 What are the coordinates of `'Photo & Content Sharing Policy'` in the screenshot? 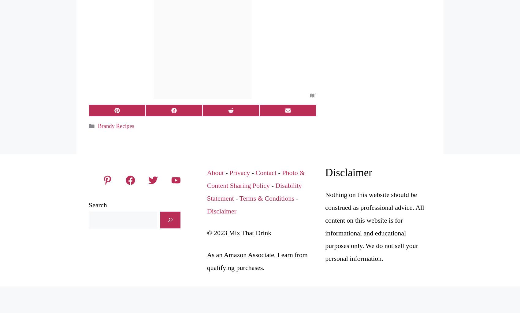 It's located at (255, 179).